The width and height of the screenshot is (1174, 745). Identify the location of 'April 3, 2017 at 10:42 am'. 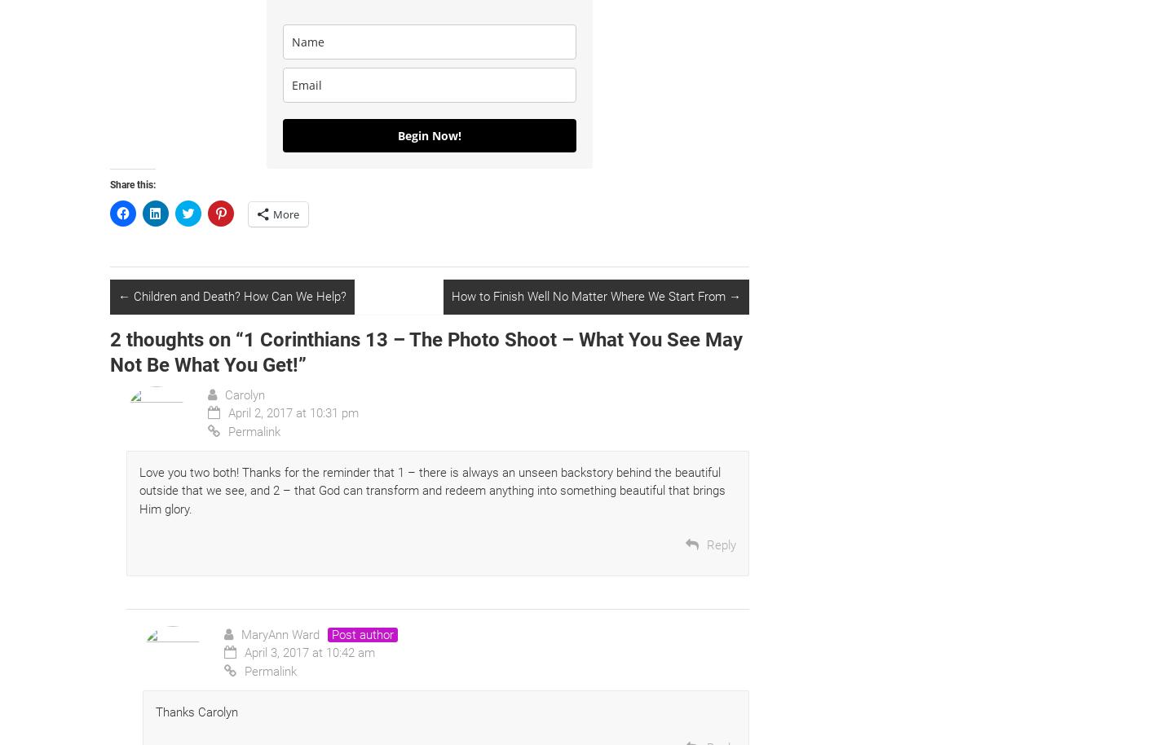
(309, 652).